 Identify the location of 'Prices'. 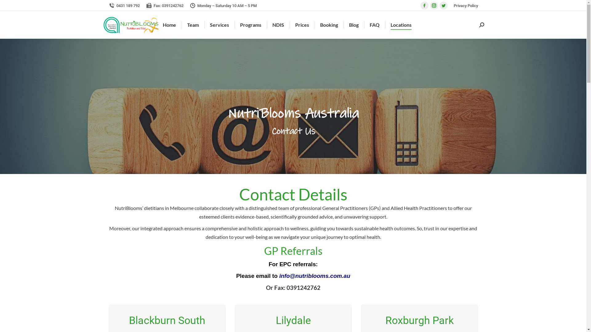
(302, 25).